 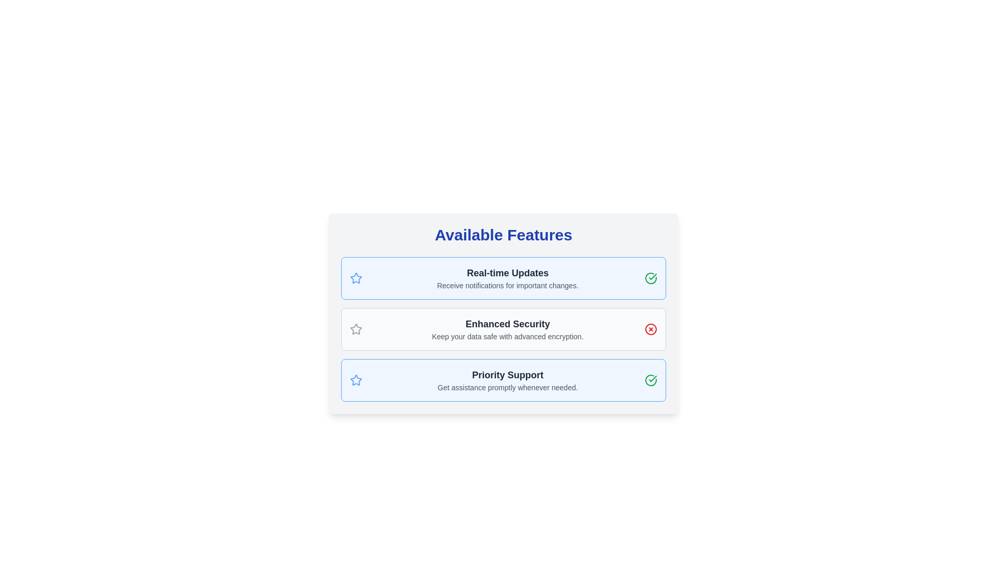 I want to click on the star-shaped icon representing the 'Priority Support' feature to observe any tooltip or visual response, so click(x=356, y=380).